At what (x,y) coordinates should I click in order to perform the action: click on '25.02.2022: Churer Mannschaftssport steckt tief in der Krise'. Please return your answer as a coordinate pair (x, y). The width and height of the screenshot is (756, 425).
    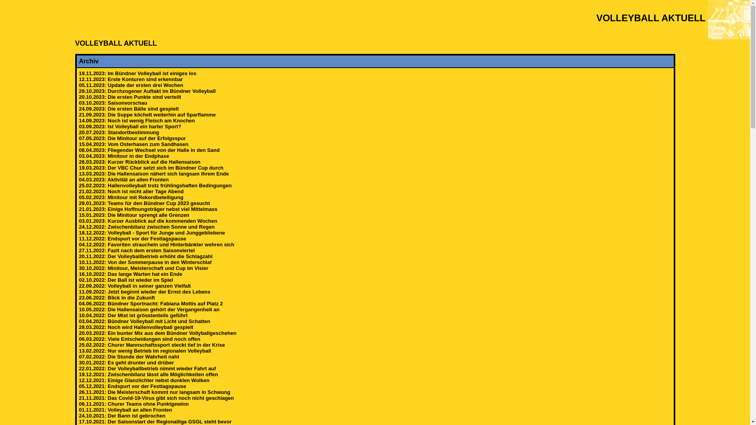
    Looking at the image, I should click on (152, 344).